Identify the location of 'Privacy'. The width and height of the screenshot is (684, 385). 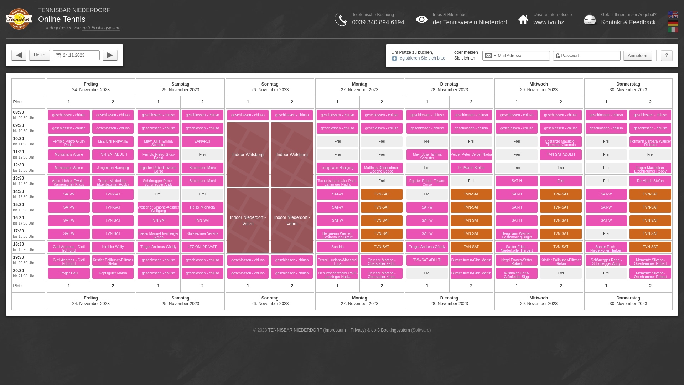
(357, 330).